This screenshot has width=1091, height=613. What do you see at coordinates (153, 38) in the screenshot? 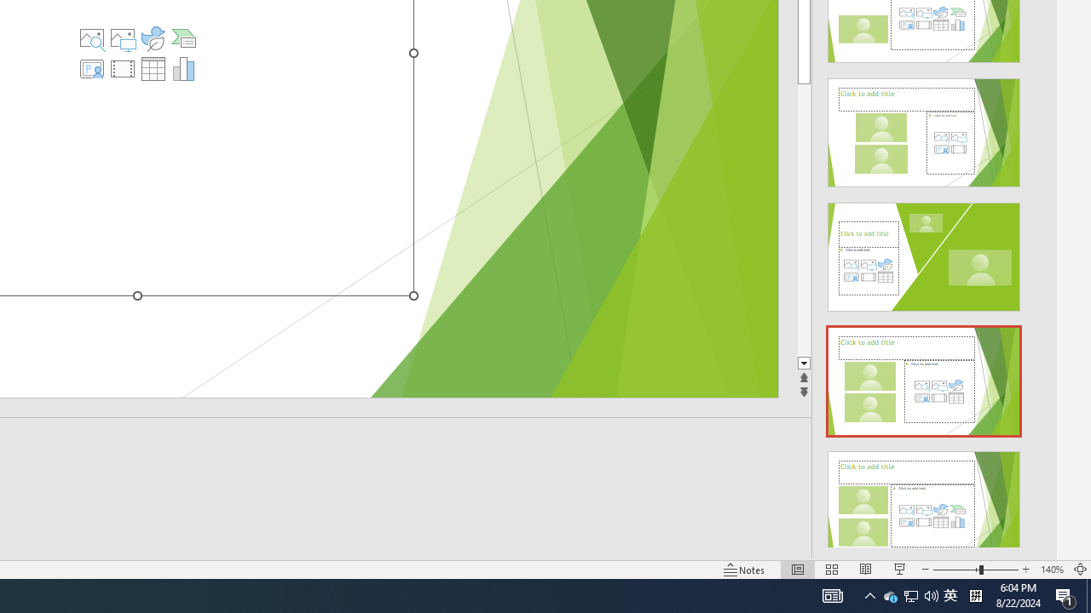
I see `'Insert an Icon'` at bounding box center [153, 38].